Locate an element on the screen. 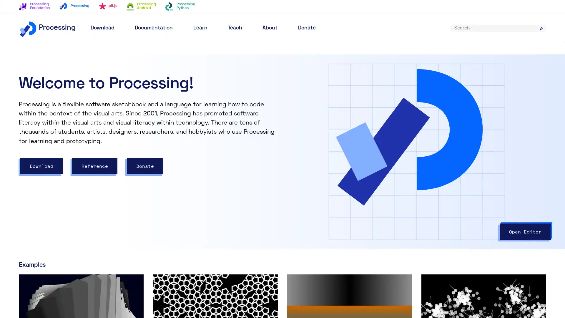 This screenshot has height=318, width=565. change position is located at coordinates (319, 154).